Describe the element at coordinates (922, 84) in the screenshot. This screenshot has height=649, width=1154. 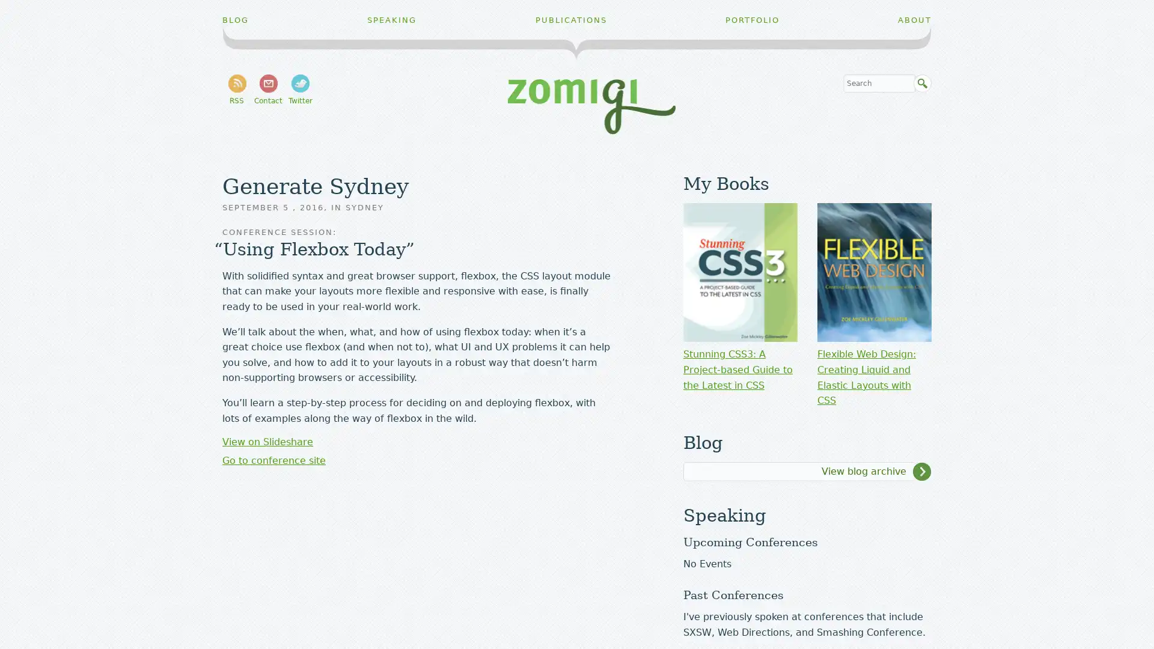
I see `search` at that location.